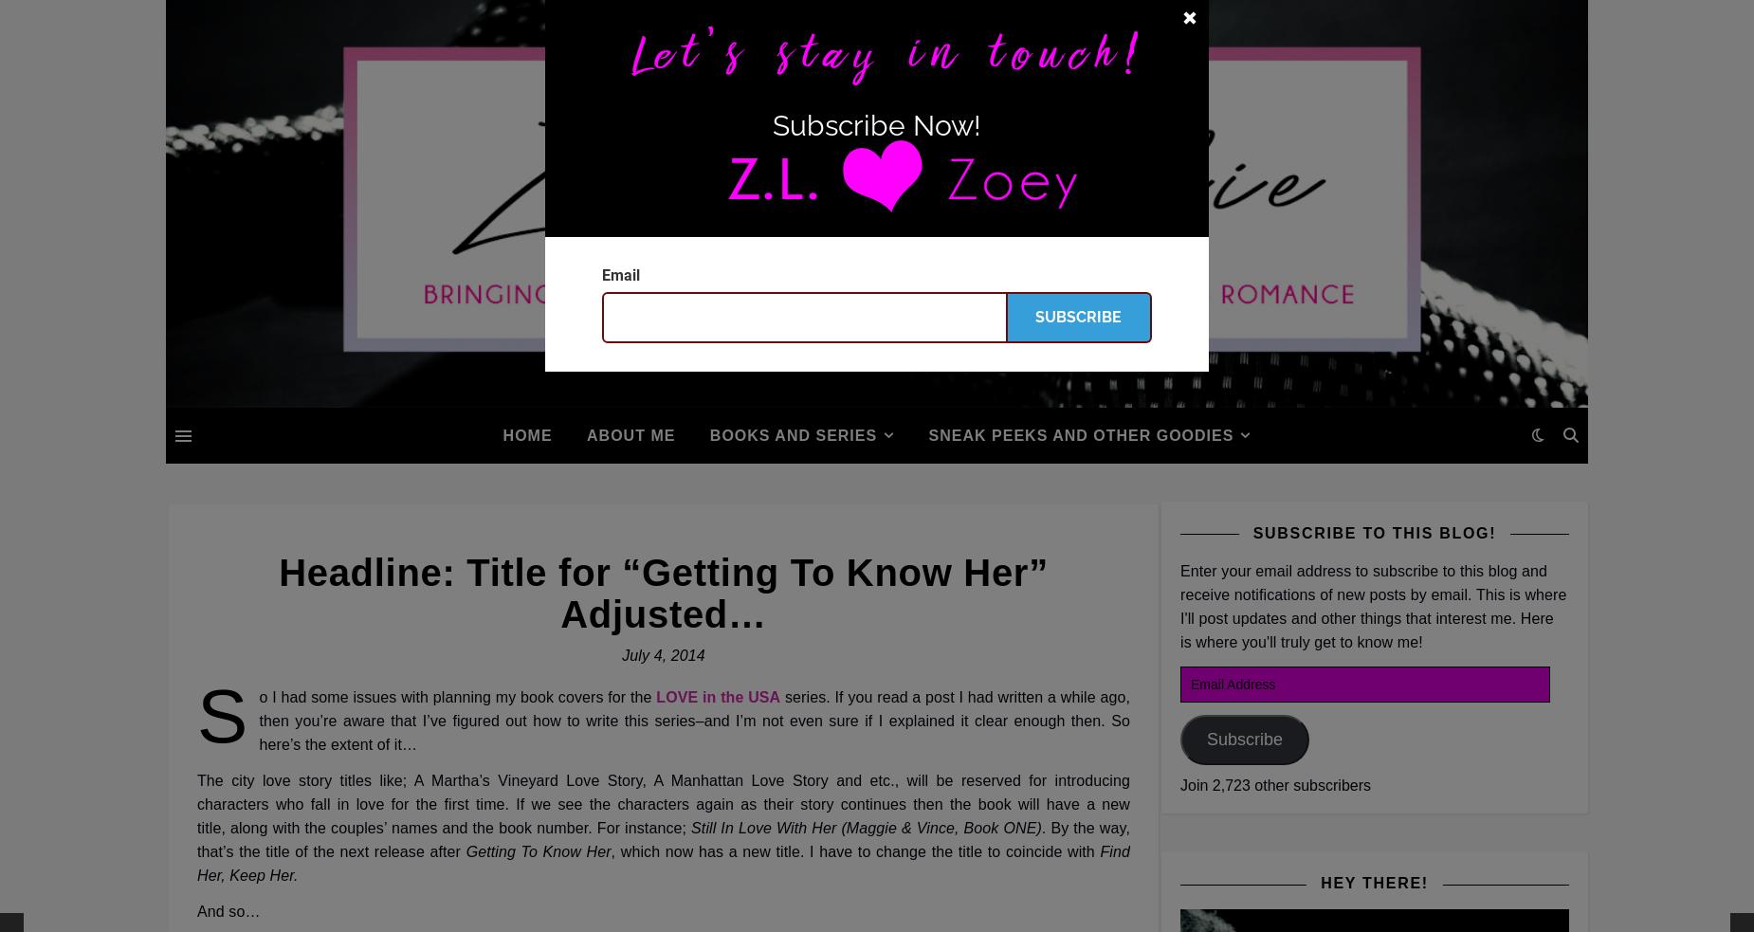 The width and height of the screenshot is (1754, 932). Describe the element at coordinates (610, 851) in the screenshot. I see `', which now has a new title. I have to change the title to coincide with'` at that location.